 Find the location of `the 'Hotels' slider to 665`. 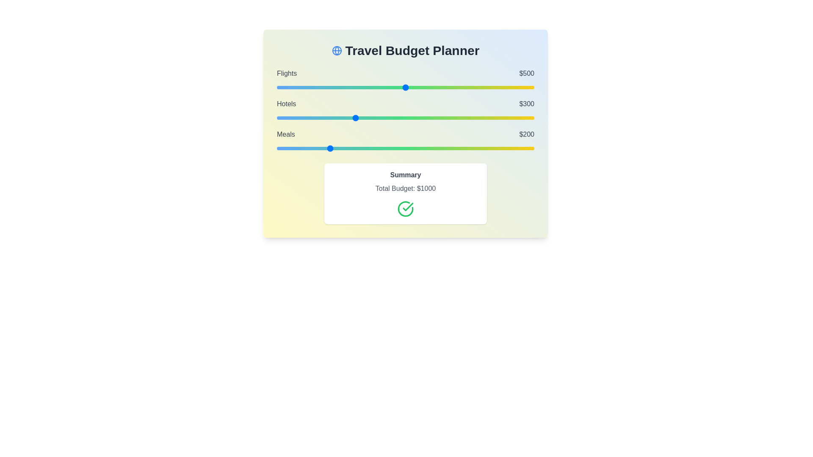

the 'Hotels' slider to 665 is located at coordinates (448, 118).